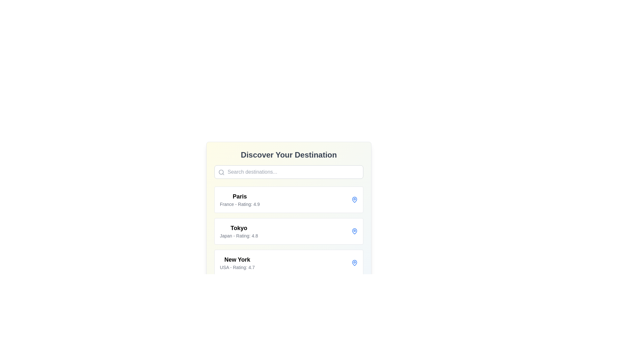  Describe the element at coordinates (221, 172) in the screenshot. I see `the decorative search icon located on the left side of the search bar, which visually indicates its search functionality` at that location.